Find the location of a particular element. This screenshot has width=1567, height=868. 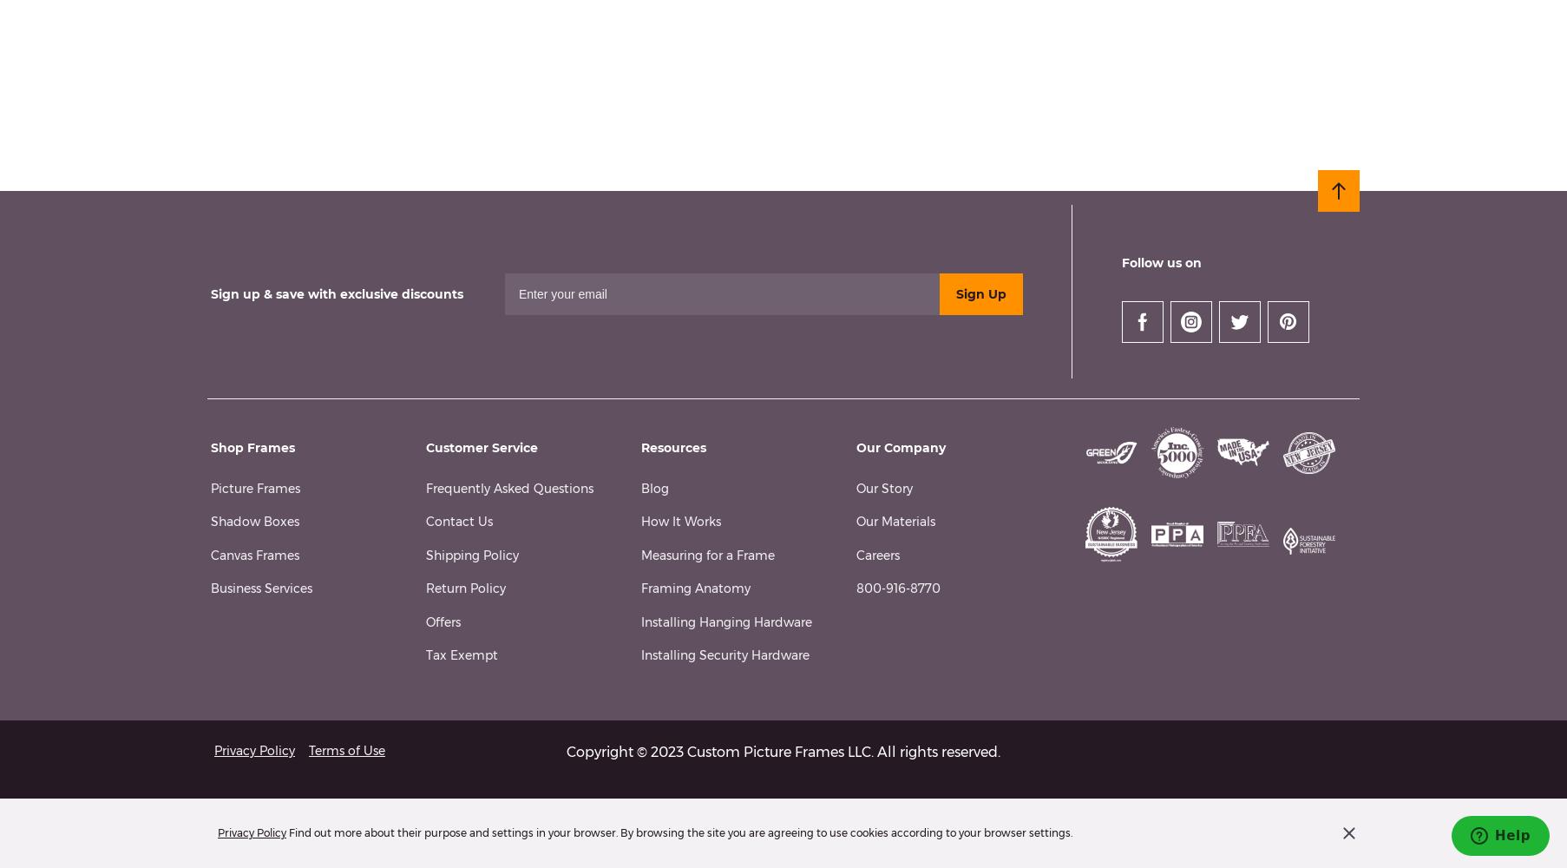

'Tax Exempt' is located at coordinates (461, 655).